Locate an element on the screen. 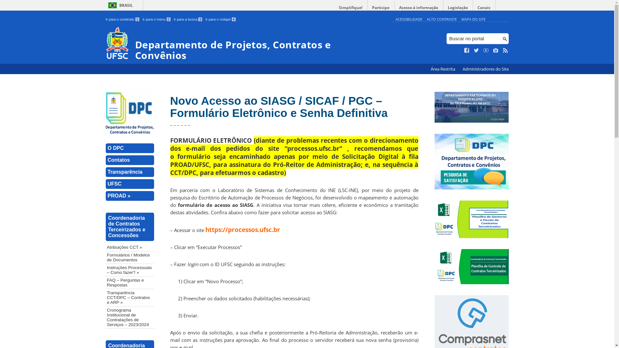  'Administradores do Site' is located at coordinates (459, 69).